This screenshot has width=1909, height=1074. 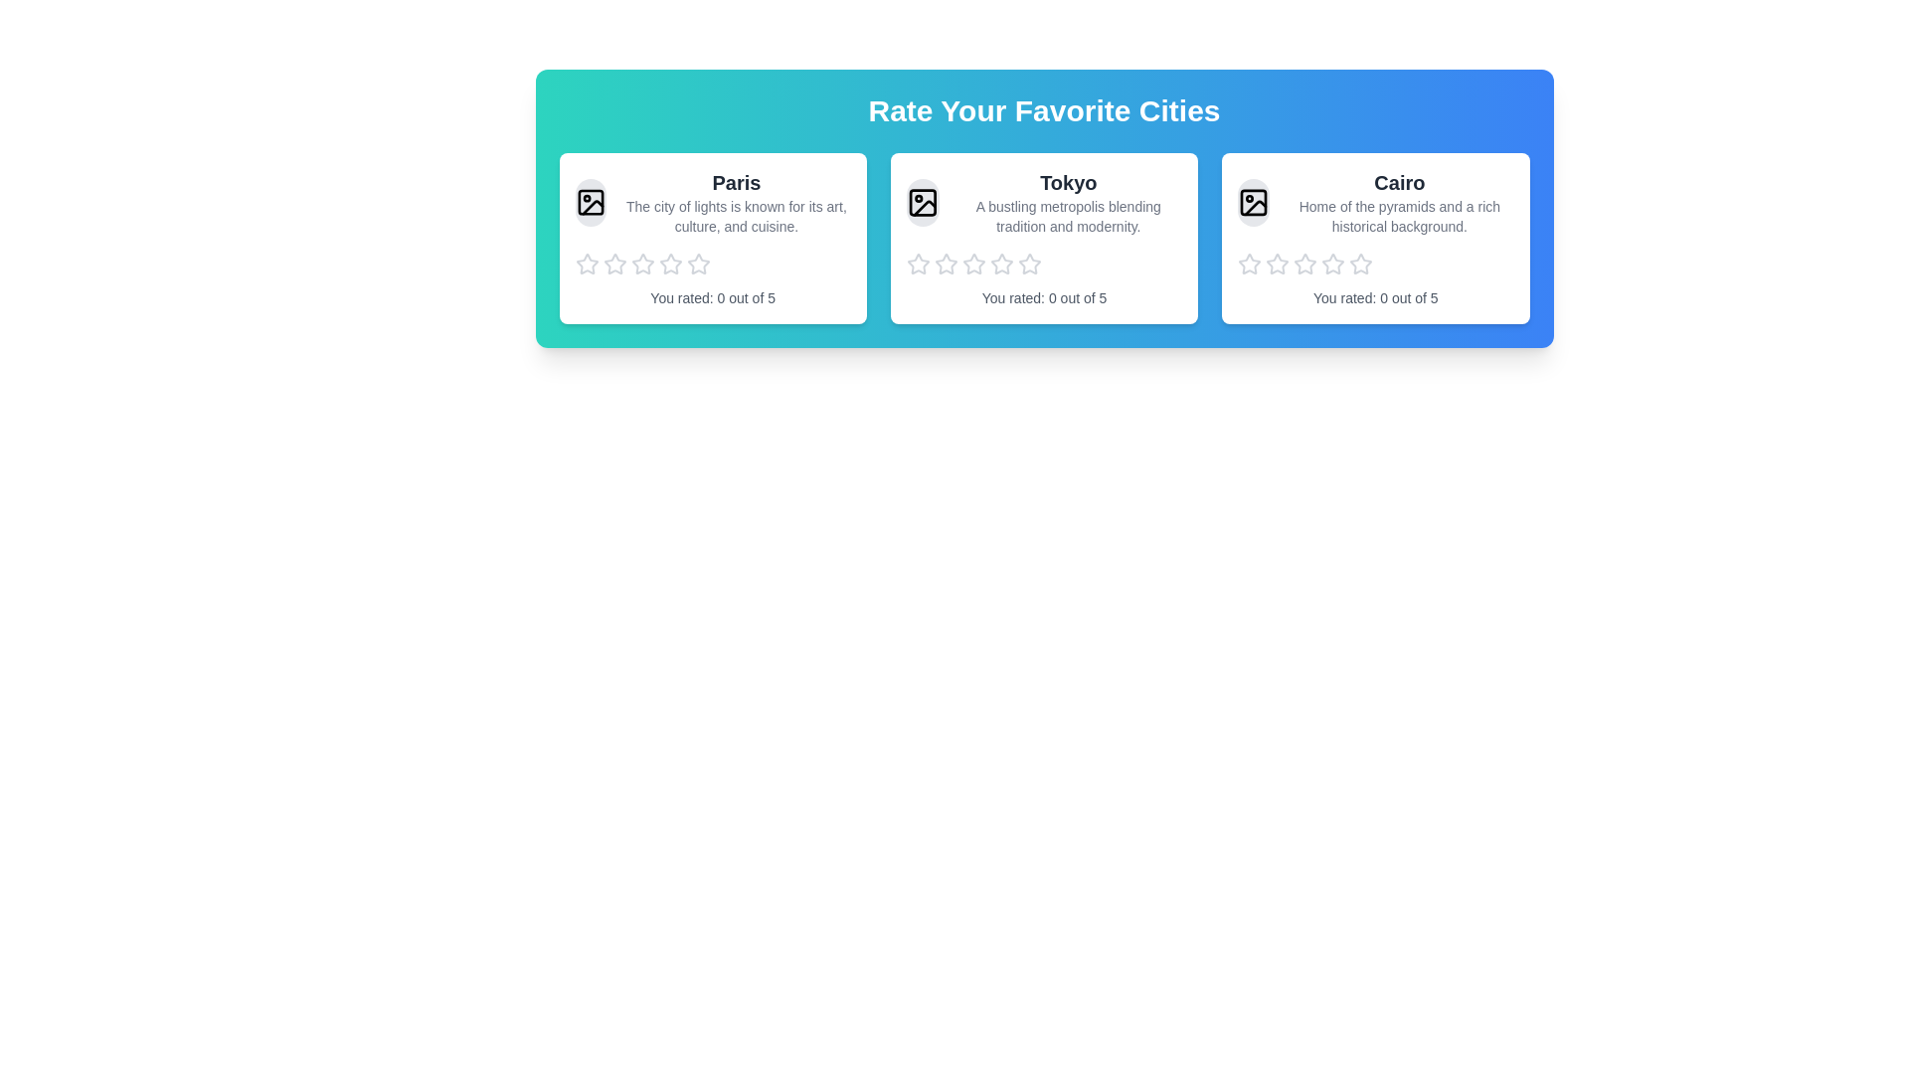 I want to click on across the stars in the Rating widget for the 'Paris' location, so click(x=713, y=264).